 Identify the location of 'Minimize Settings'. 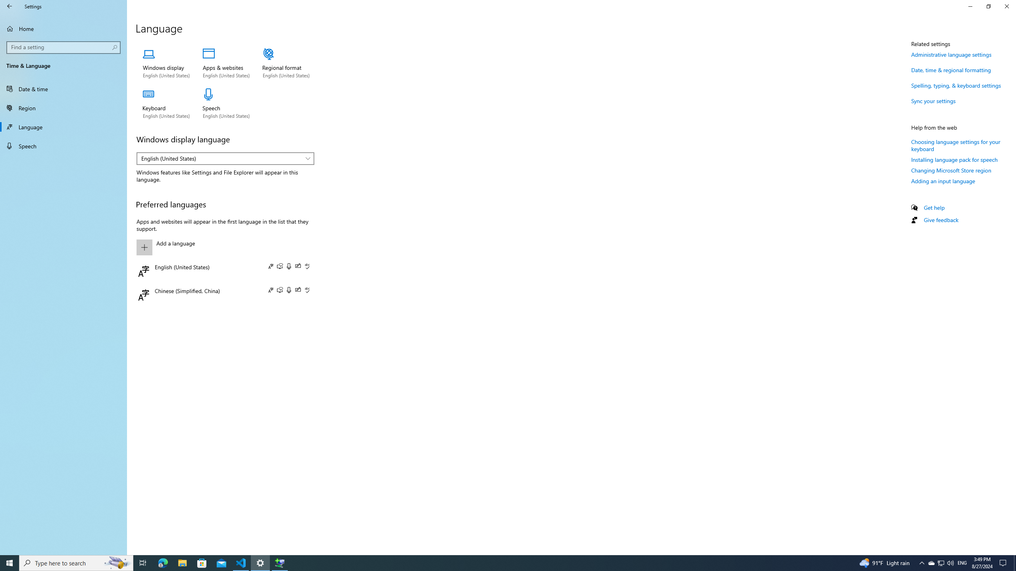
(970, 6).